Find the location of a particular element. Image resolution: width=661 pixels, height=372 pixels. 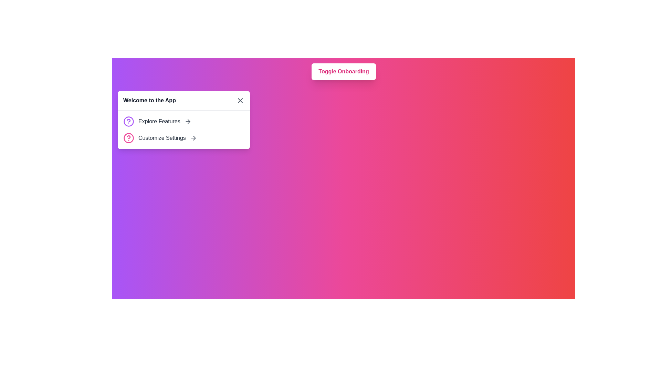

the Text Label that indicates an actionable item within the 'Welcome to the App' panel, positioned in the second row of options is located at coordinates (161, 138).